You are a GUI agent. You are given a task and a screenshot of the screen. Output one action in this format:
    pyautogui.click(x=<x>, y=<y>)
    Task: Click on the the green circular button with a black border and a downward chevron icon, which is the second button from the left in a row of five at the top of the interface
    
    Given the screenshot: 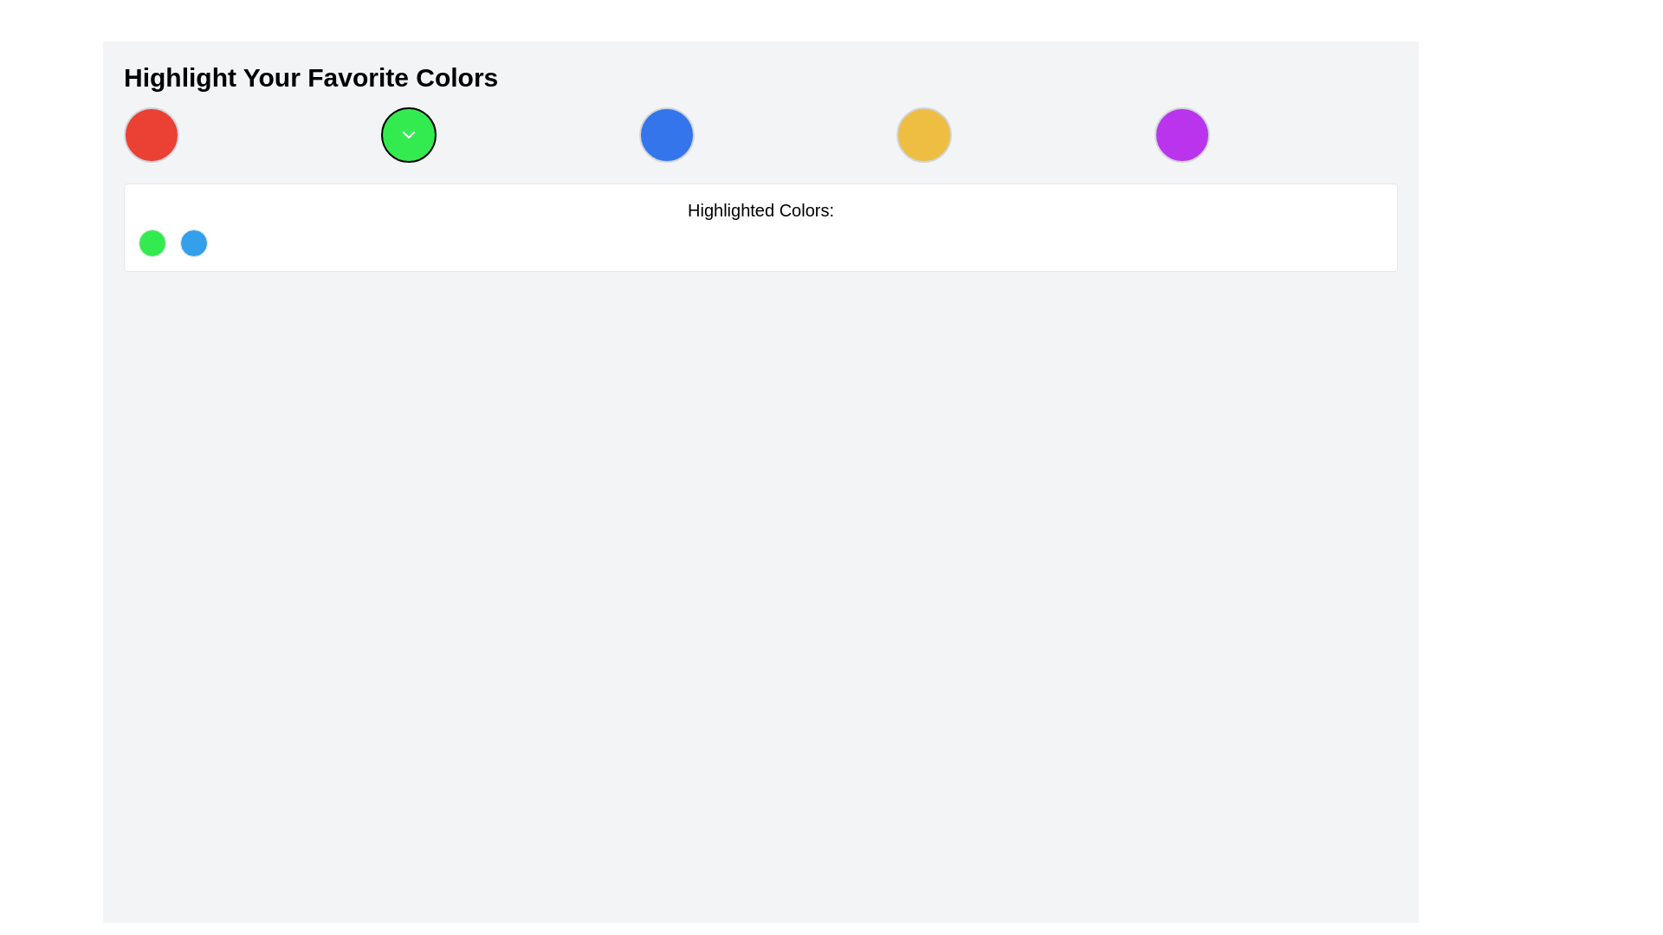 What is the action you would take?
    pyautogui.click(x=408, y=133)
    